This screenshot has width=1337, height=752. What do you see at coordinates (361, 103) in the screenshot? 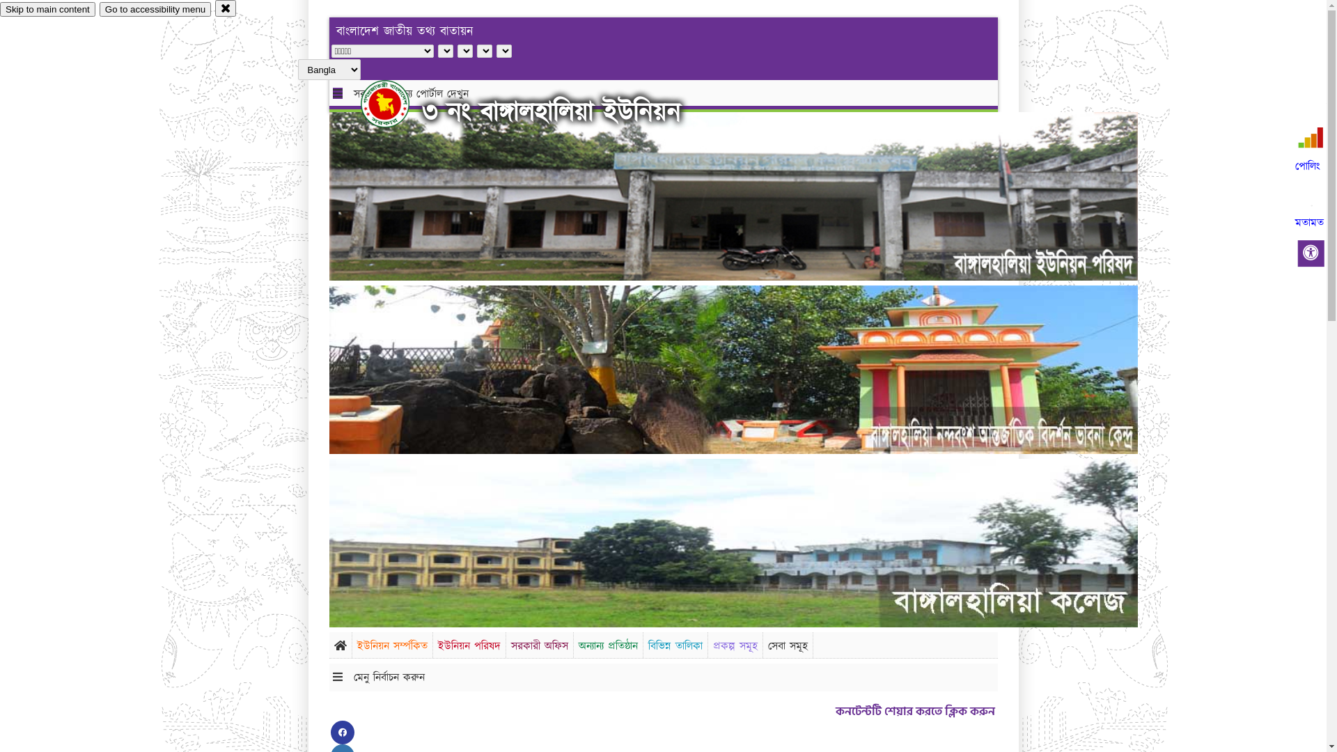
I see `'` at bounding box center [361, 103].